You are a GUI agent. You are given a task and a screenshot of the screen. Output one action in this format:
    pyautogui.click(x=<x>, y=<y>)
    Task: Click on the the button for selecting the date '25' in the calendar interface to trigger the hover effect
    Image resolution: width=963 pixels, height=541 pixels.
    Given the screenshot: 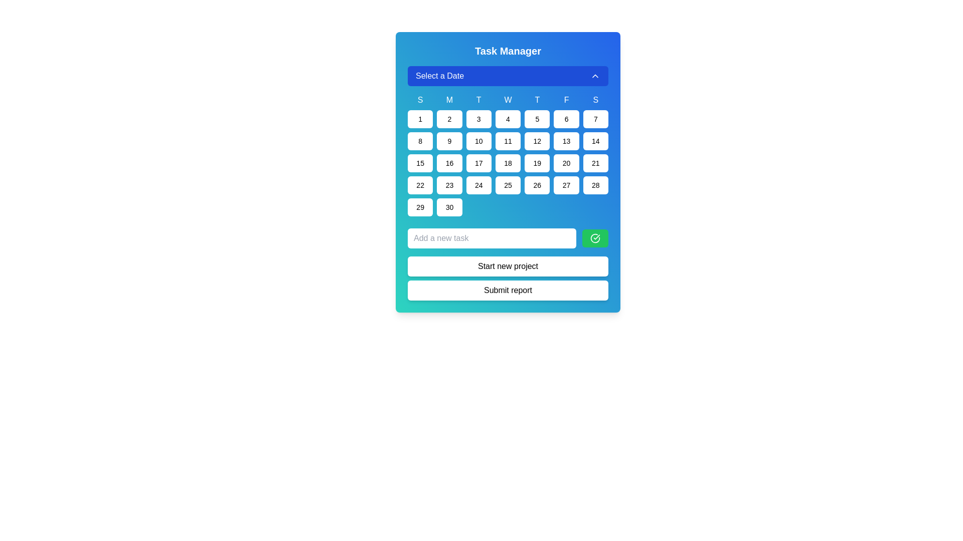 What is the action you would take?
    pyautogui.click(x=508, y=185)
    